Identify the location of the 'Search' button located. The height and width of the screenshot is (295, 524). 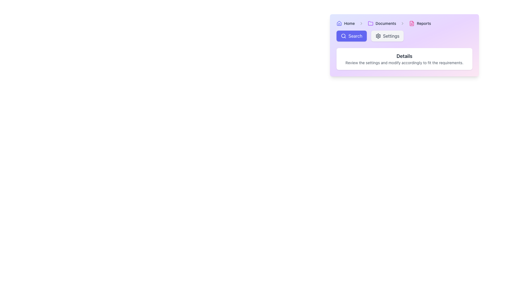
(343, 36).